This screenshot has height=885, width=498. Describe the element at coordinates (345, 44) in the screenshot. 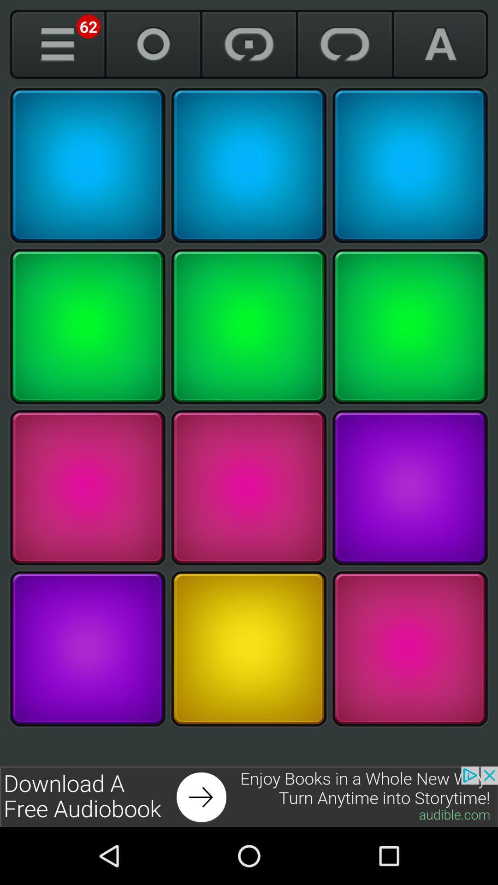

I see `the chat icon` at that location.